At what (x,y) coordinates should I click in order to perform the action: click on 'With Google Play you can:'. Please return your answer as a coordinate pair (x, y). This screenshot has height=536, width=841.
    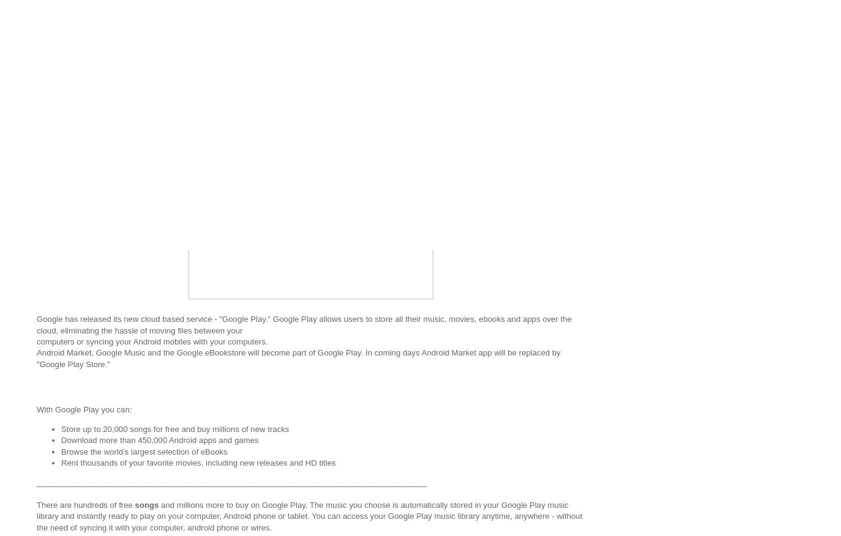
    Looking at the image, I should click on (83, 408).